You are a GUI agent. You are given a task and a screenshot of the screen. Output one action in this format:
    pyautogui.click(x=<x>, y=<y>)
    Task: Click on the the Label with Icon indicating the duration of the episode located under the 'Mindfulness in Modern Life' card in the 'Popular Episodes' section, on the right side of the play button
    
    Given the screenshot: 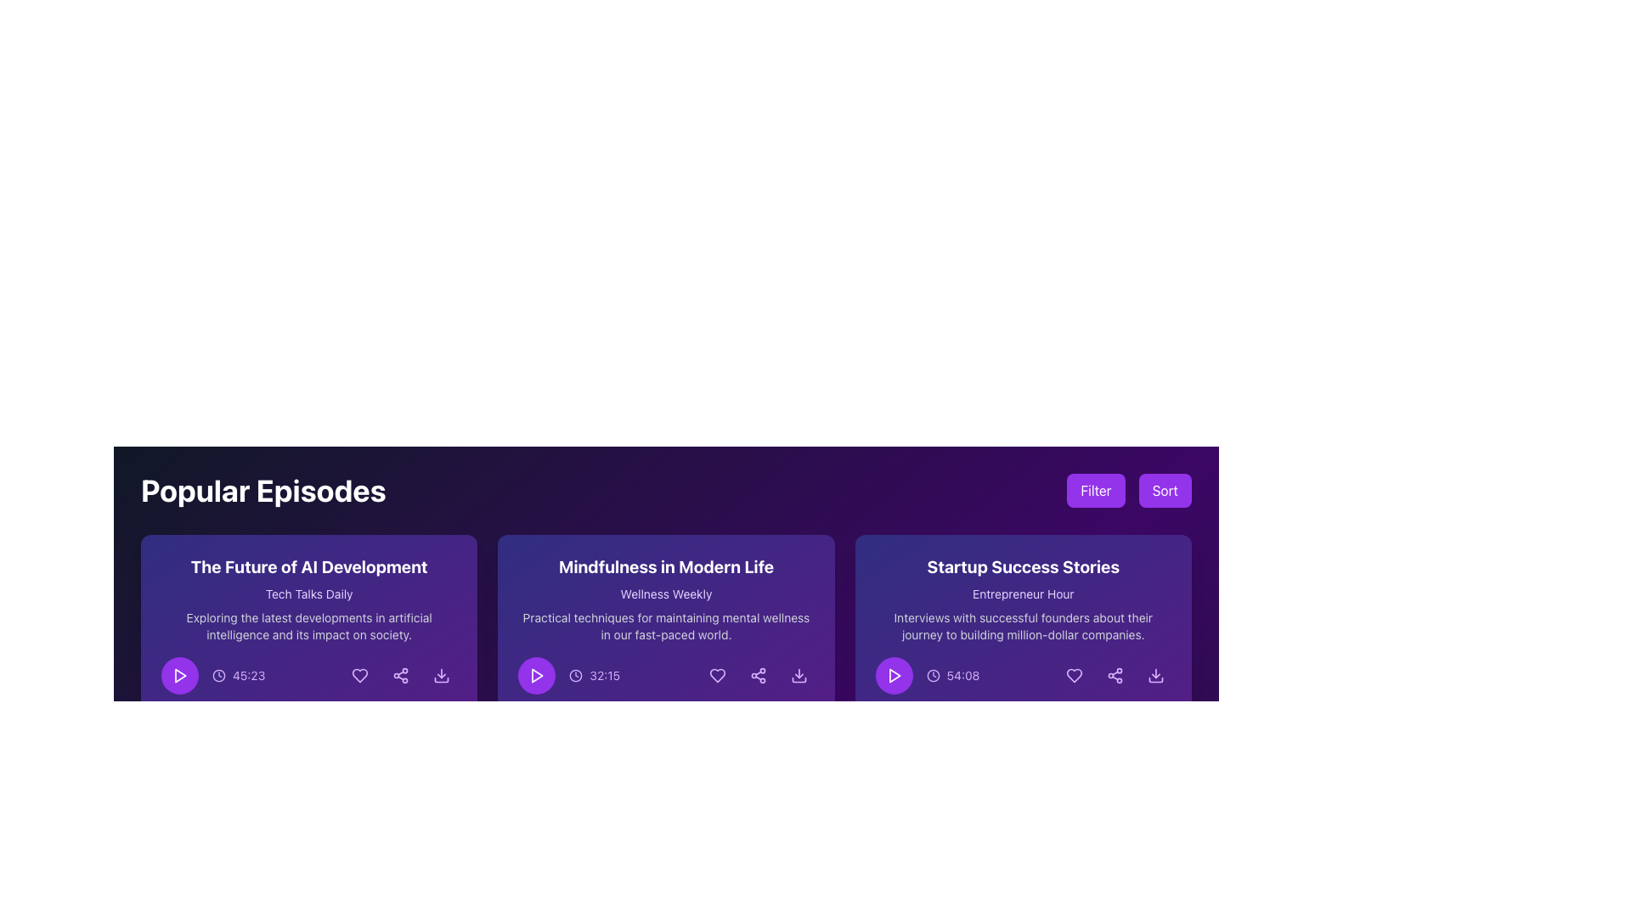 What is the action you would take?
    pyautogui.click(x=569, y=674)
    